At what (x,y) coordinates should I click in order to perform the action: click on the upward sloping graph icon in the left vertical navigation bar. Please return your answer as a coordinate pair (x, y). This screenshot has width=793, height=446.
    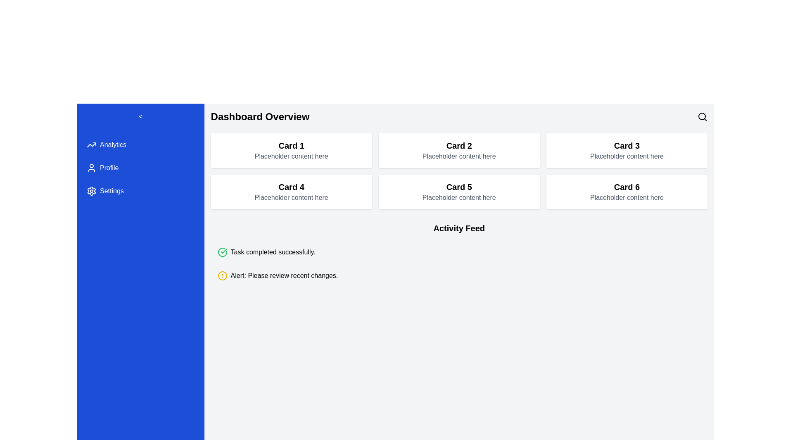
    Looking at the image, I should click on (91, 145).